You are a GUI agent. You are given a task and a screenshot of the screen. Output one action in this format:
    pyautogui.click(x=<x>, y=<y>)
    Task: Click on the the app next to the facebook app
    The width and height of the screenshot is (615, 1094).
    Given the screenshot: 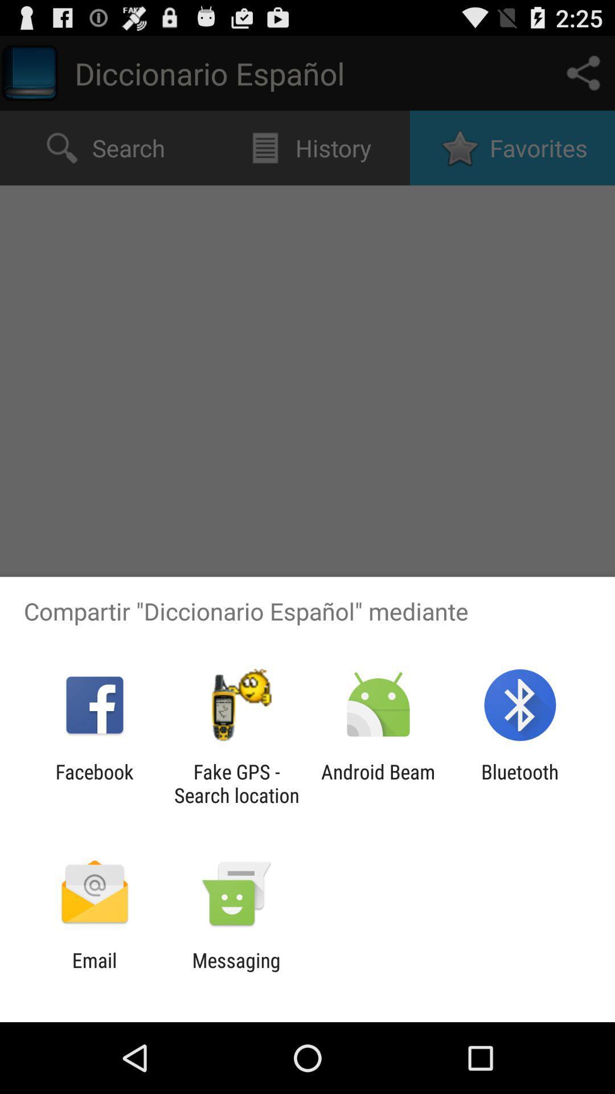 What is the action you would take?
    pyautogui.click(x=236, y=783)
    